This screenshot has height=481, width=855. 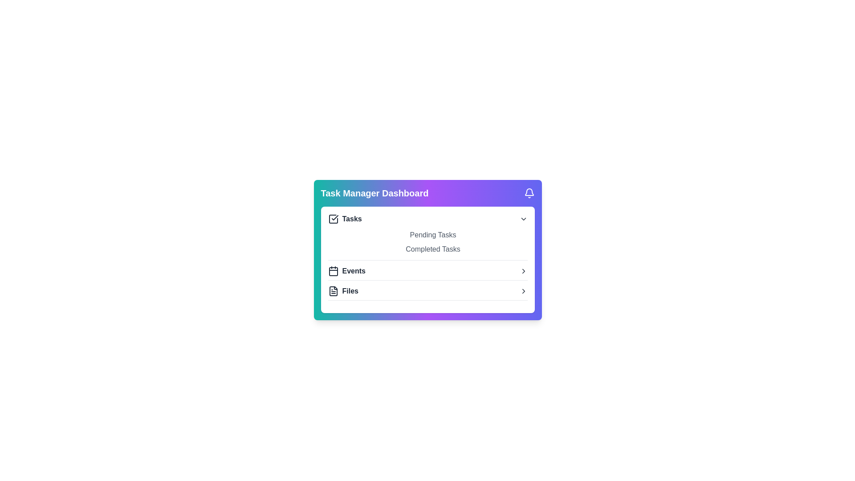 What do you see at coordinates (427, 250) in the screenshot?
I see `the 'Completed Tasks' link located inside the Task Manager Dashboard panel` at bounding box center [427, 250].